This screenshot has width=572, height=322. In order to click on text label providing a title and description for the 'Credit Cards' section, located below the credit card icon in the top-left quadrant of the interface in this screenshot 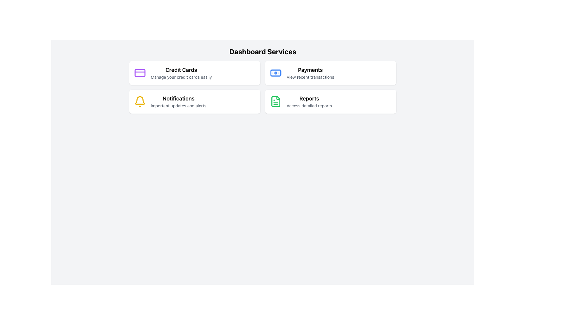, I will do `click(181, 73)`.